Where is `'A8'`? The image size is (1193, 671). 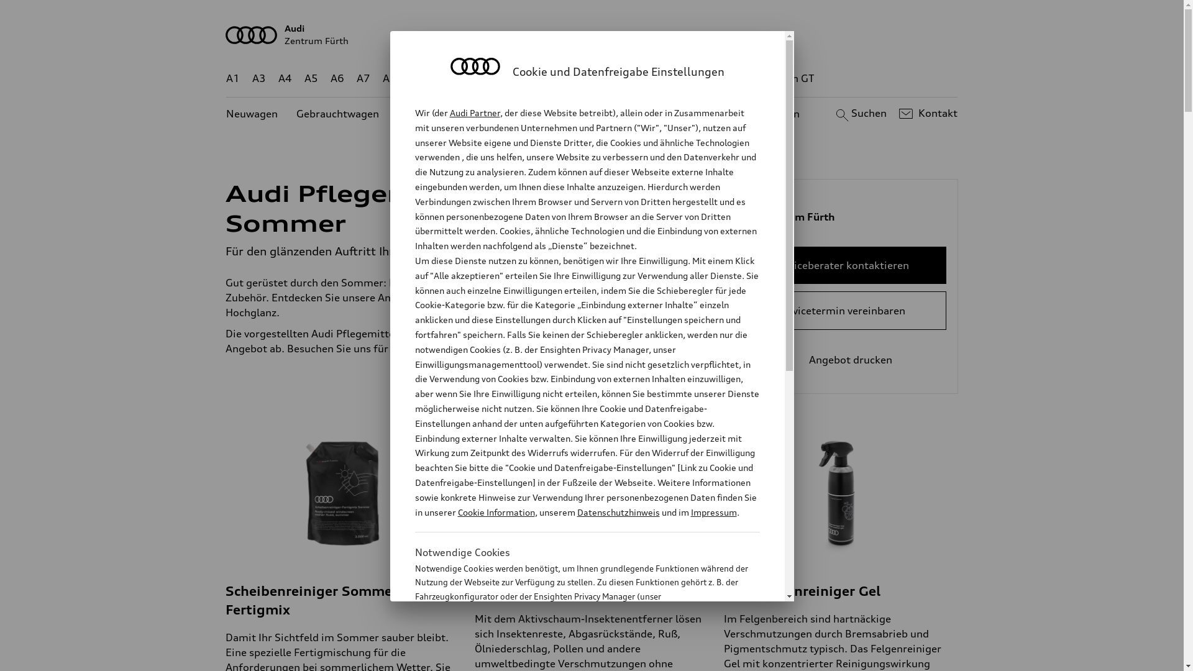 'A8' is located at coordinates (389, 78).